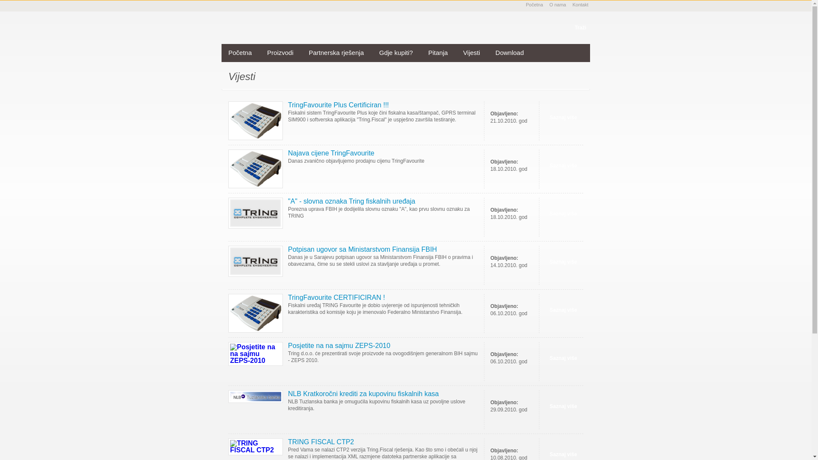 This screenshot has width=818, height=460. I want to click on 'Proizvodi', so click(280, 53).